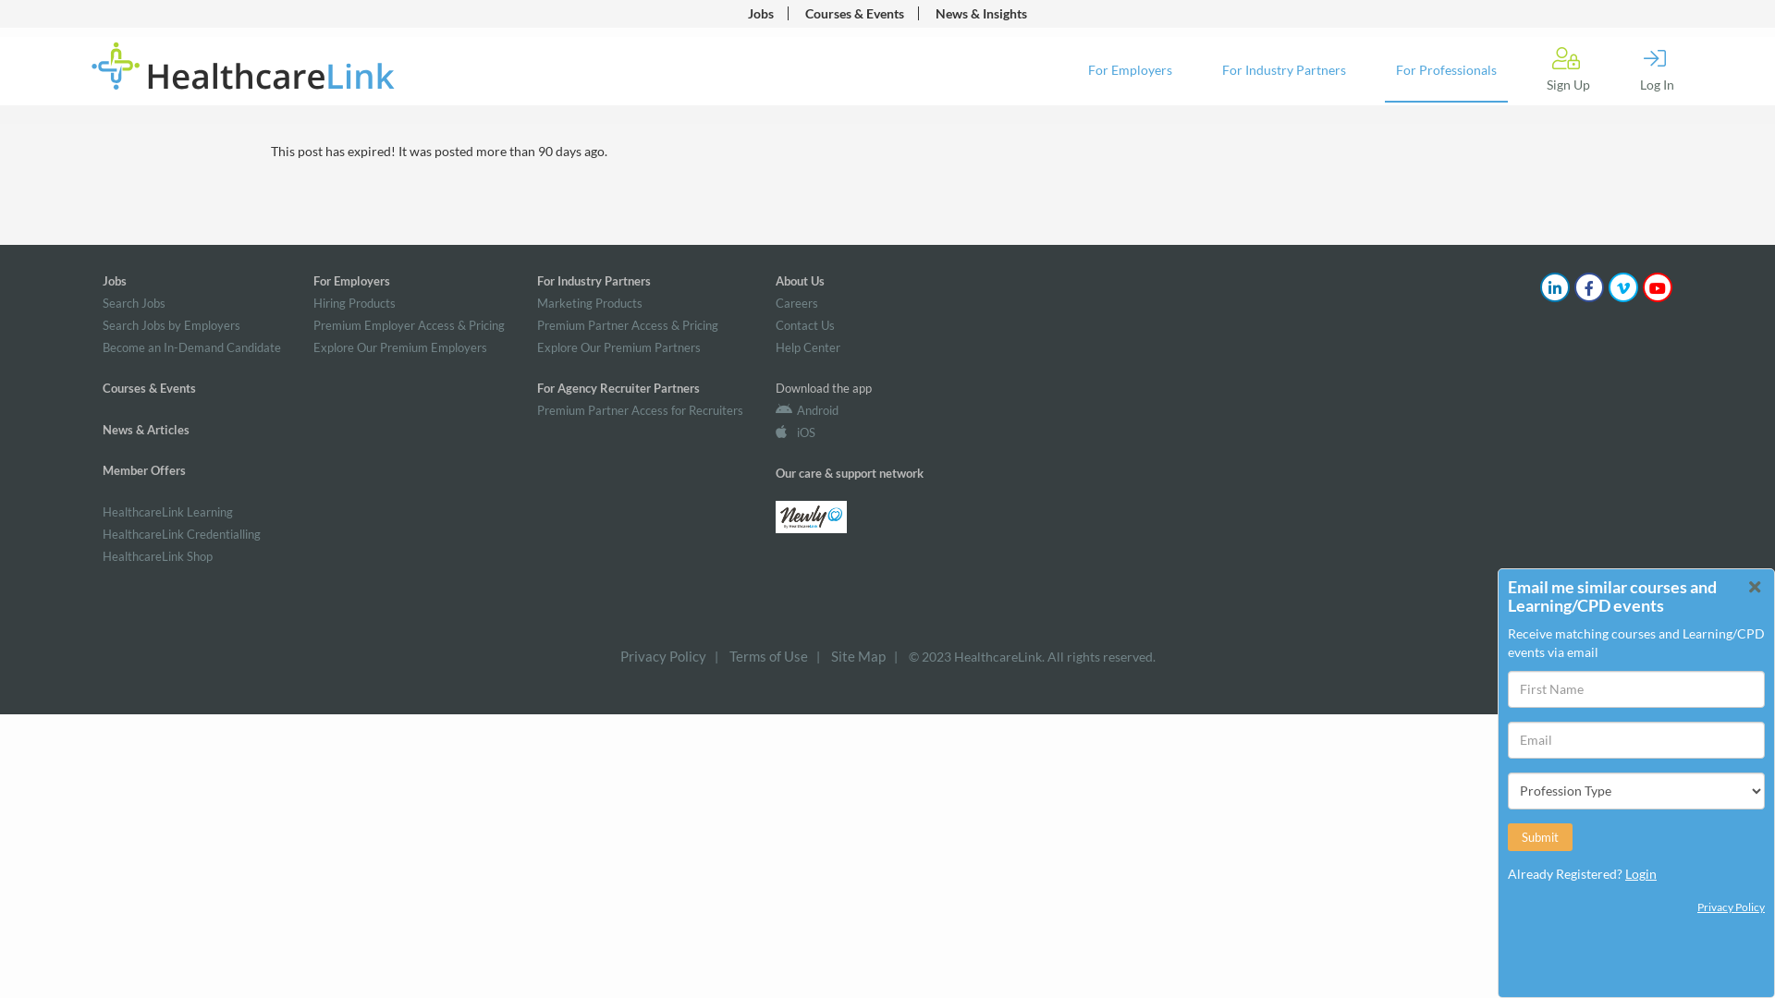  What do you see at coordinates (191, 347) in the screenshot?
I see `'Become an In-Demand Candidate'` at bounding box center [191, 347].